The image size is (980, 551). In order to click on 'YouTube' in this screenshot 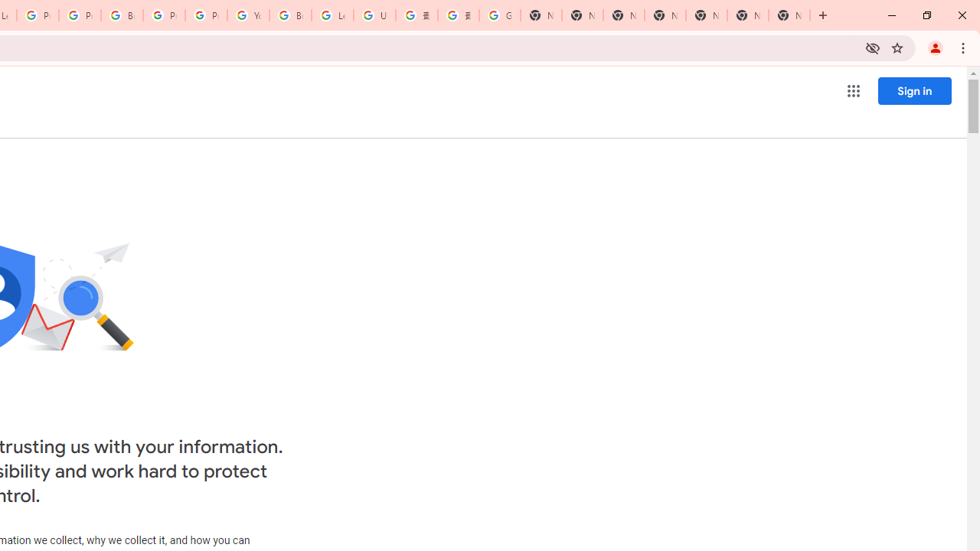, I will do `click(248, 15)`.